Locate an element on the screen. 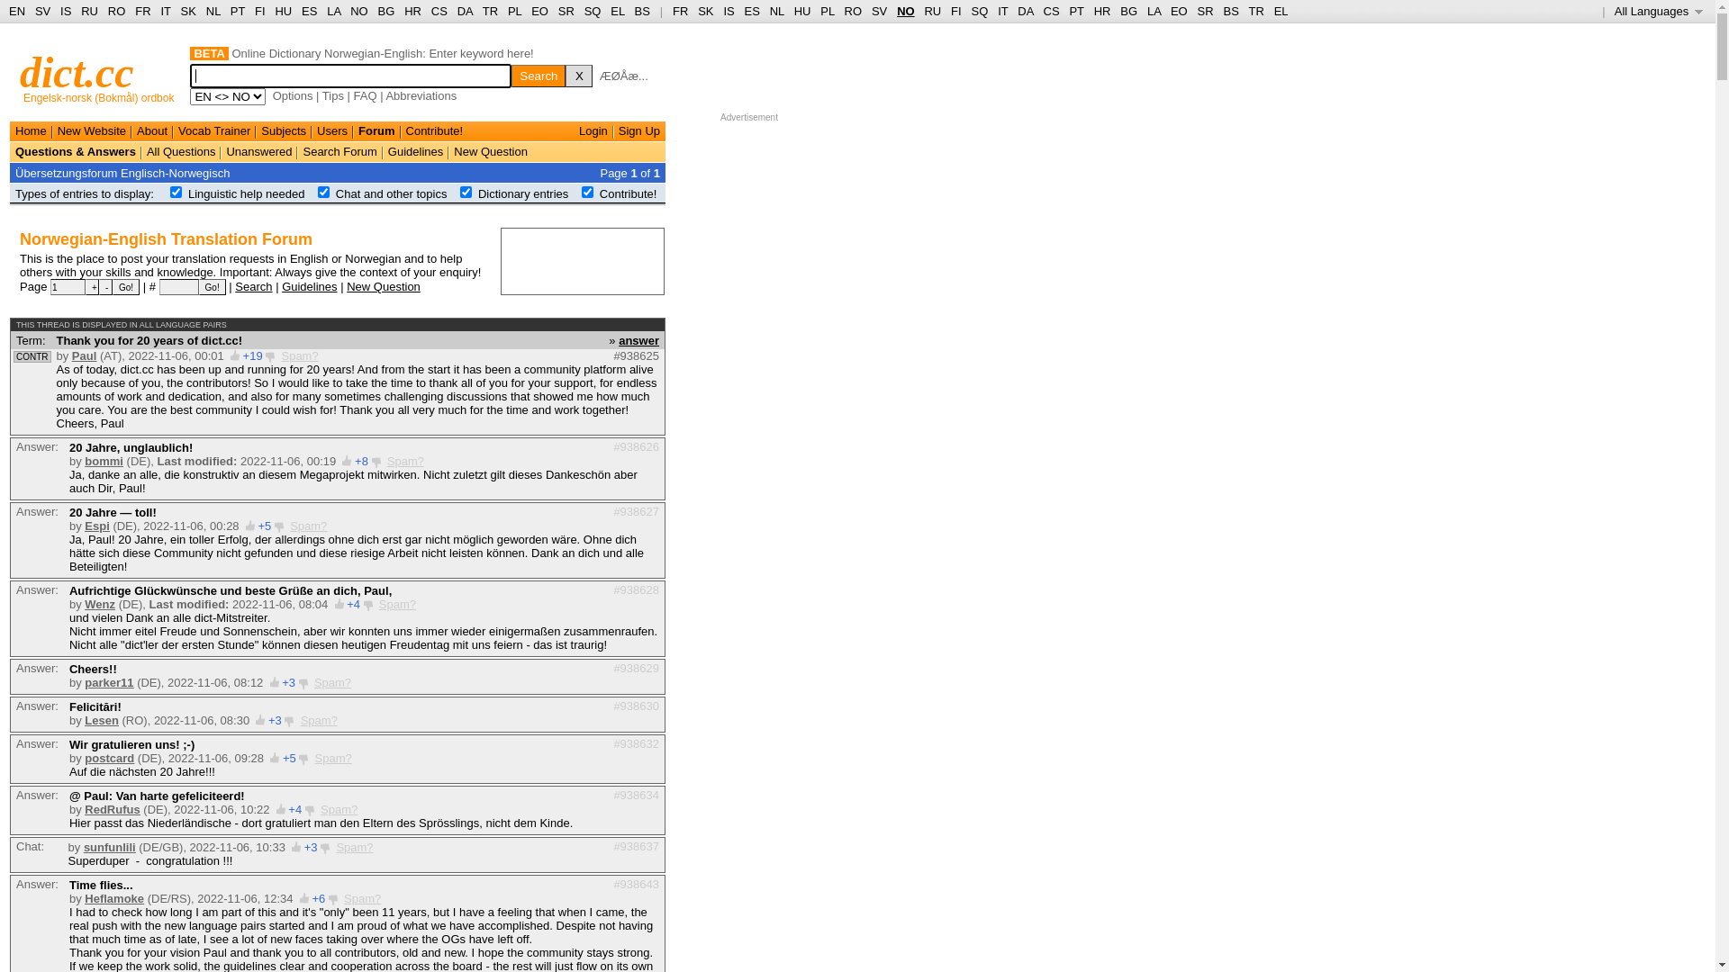 The width and height of the screenshot is (1729, 972). 'PT' is located at coordinates (237, 11).